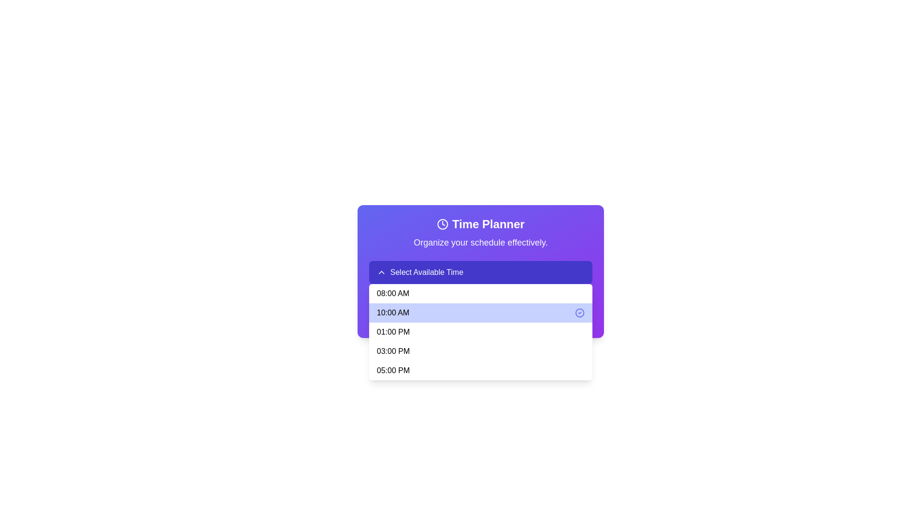  Describe the element at coordinates (393, 351) in the screenshot. I see `the '03:00 PM' time selection option within the dropdown menu` at that location.